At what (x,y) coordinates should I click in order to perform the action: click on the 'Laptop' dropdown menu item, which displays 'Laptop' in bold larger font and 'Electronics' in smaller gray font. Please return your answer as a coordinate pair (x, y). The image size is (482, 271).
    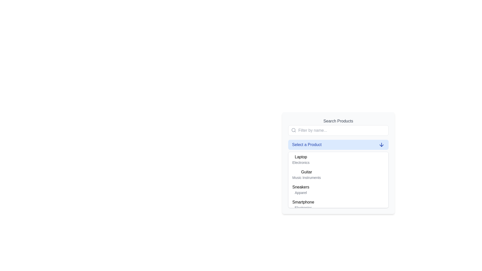
    Looking at the image, I should click on (338, 160).